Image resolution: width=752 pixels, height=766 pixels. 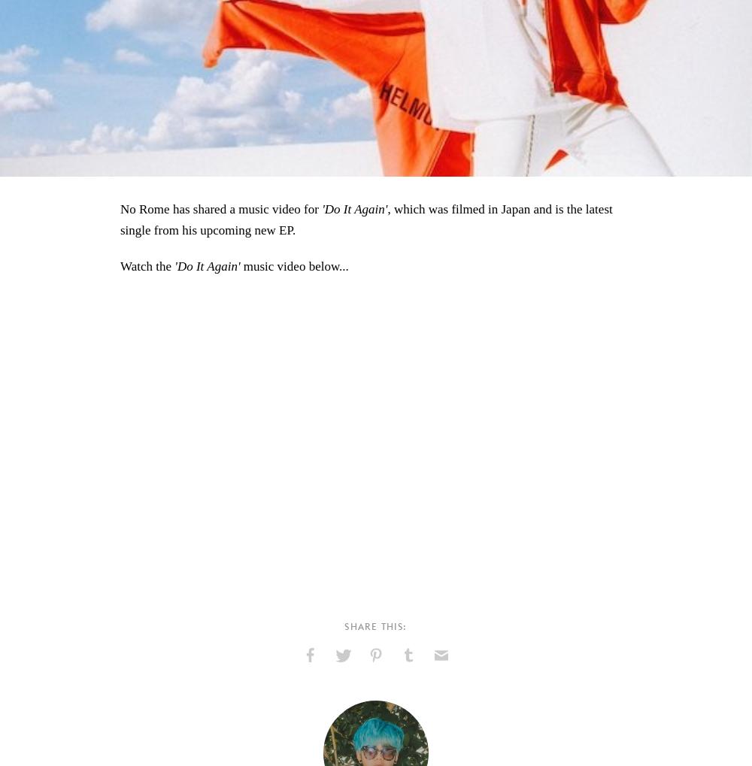 I want to click on 'Send via Email', so click(x=446, y=686).